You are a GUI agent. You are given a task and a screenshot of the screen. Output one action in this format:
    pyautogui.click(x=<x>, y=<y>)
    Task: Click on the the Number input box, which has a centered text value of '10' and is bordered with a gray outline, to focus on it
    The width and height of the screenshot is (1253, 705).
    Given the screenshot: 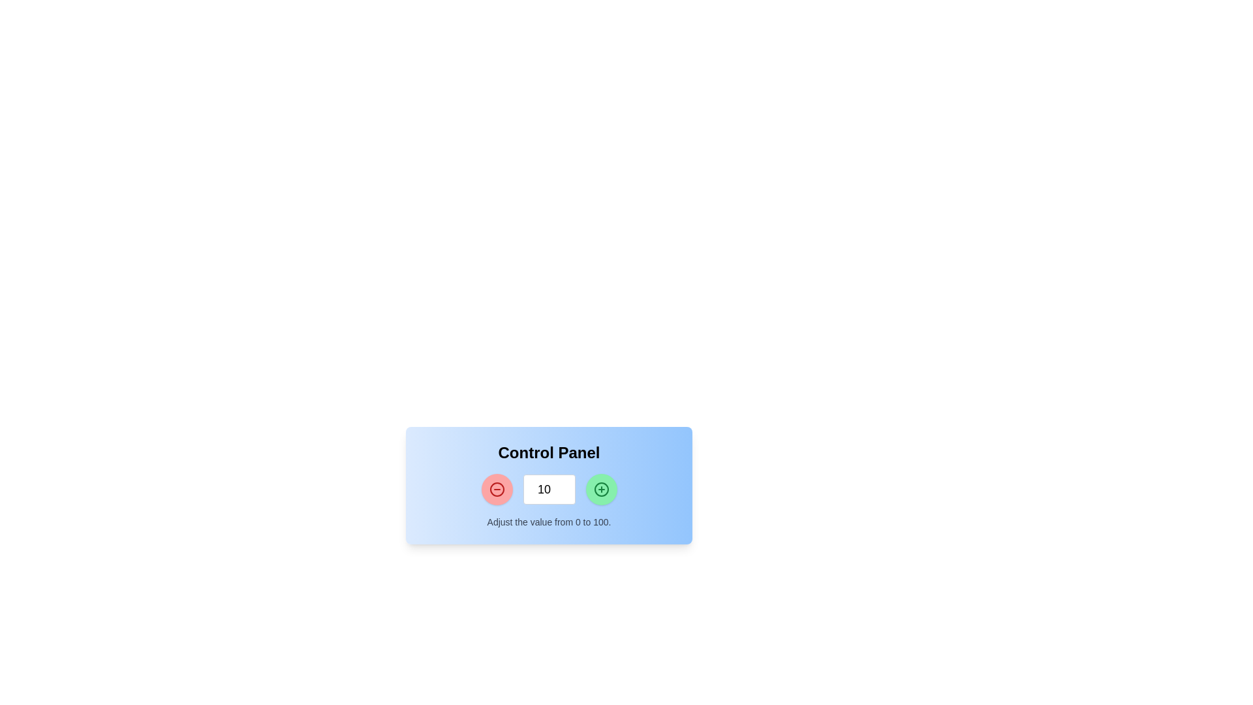 What is the action you would take?
    pyautogui.click(x=549, y=489)
    